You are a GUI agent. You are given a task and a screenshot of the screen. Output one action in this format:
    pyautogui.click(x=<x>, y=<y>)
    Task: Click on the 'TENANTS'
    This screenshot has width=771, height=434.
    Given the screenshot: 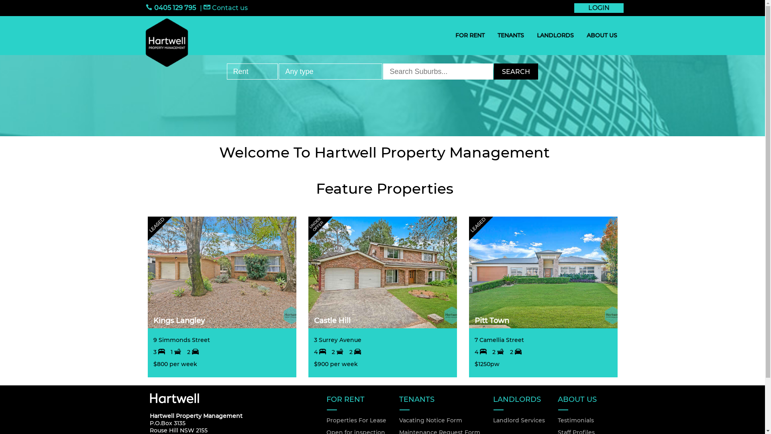 What is the action you would take?
    pyautogui.click(x=510, y=35)
    